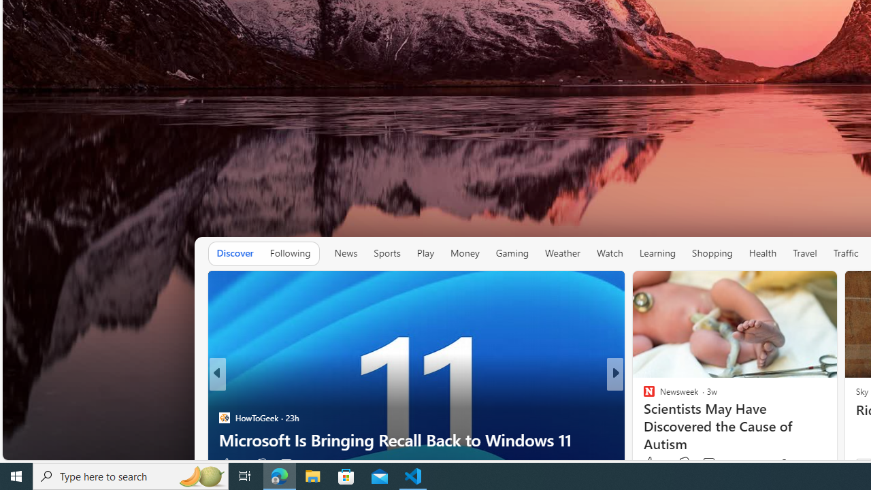 The image size is (871, 490). I want to click on '307 Like', so click(652, 463).